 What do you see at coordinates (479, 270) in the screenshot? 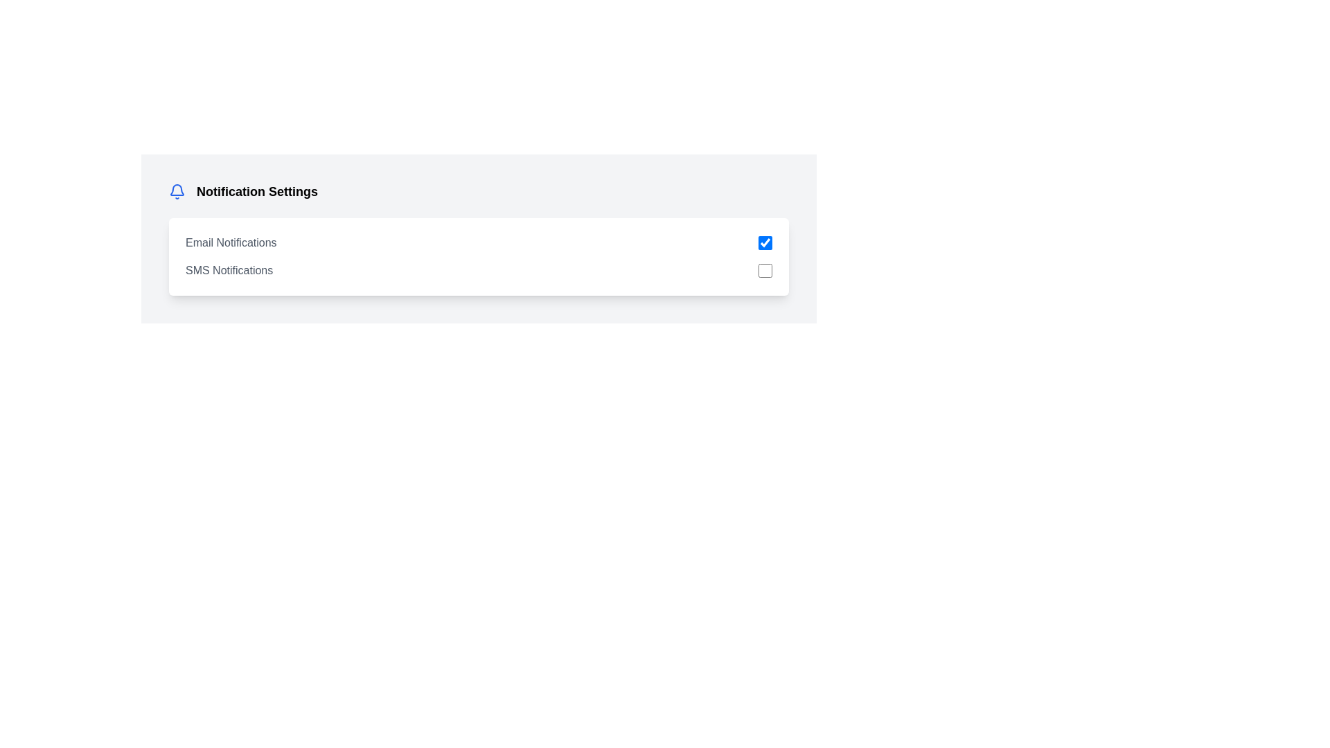
I see `the checkbox for 'SMS Notifications' in the Notification Settings section` at bounding box center [479, 270].